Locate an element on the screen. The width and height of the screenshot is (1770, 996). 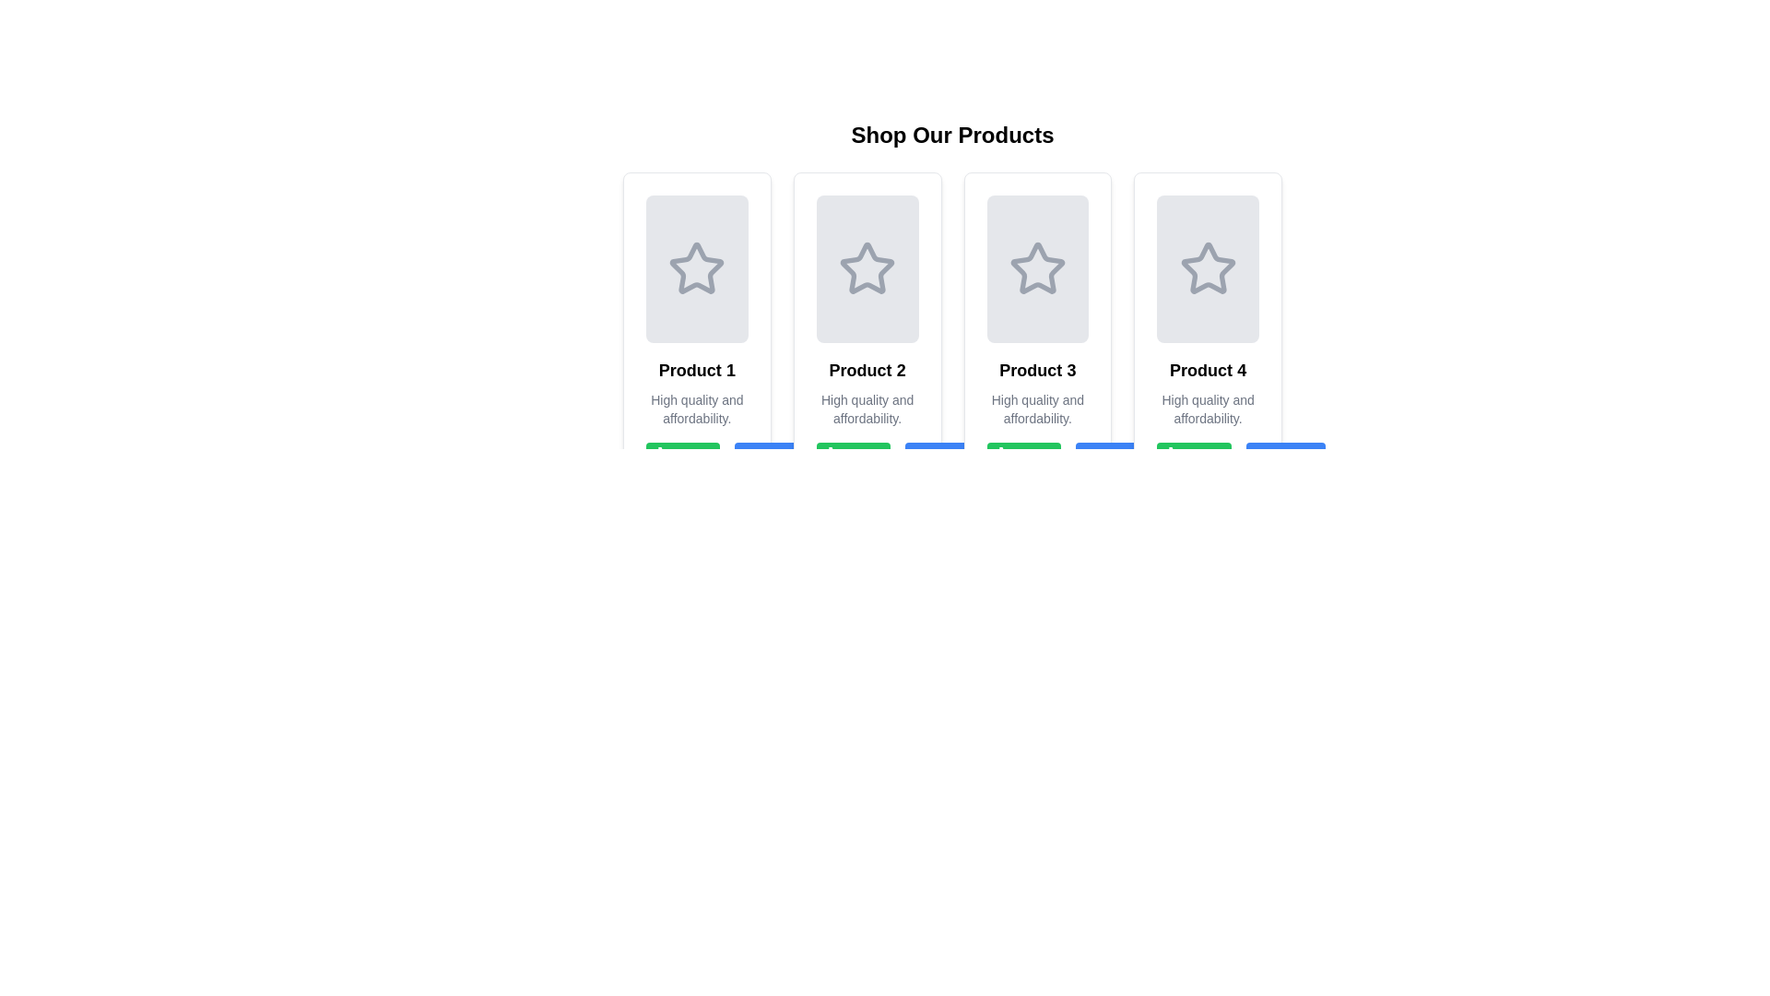
the product card located in the top-left corner of the grid layout to activate hover effects is located at coordinates (696, 334).